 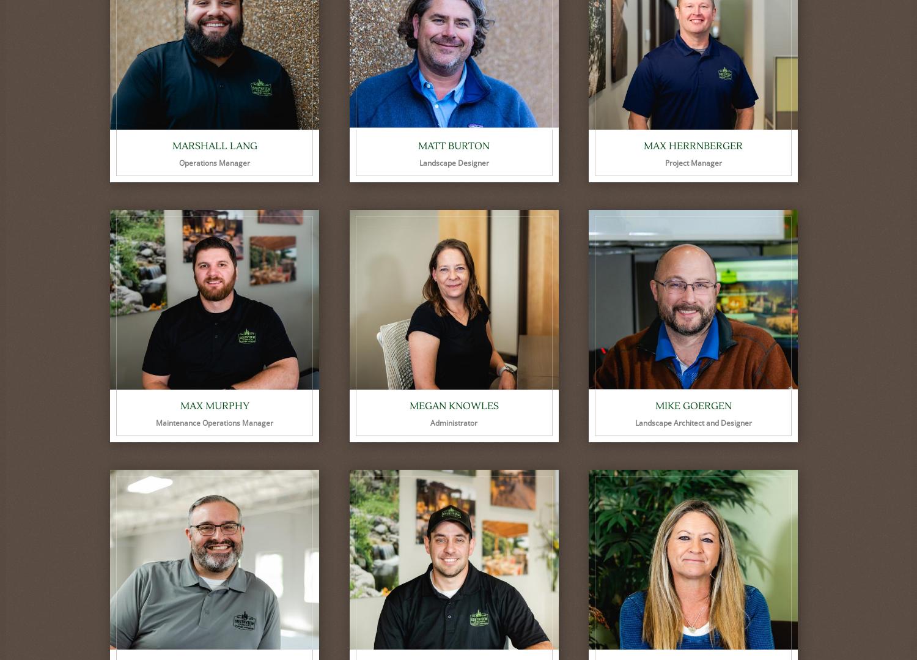 What do you see at coordinates (453, 406) in the screenshot?
I see `'Megan Knowles'` at bounding box center [453, 406].